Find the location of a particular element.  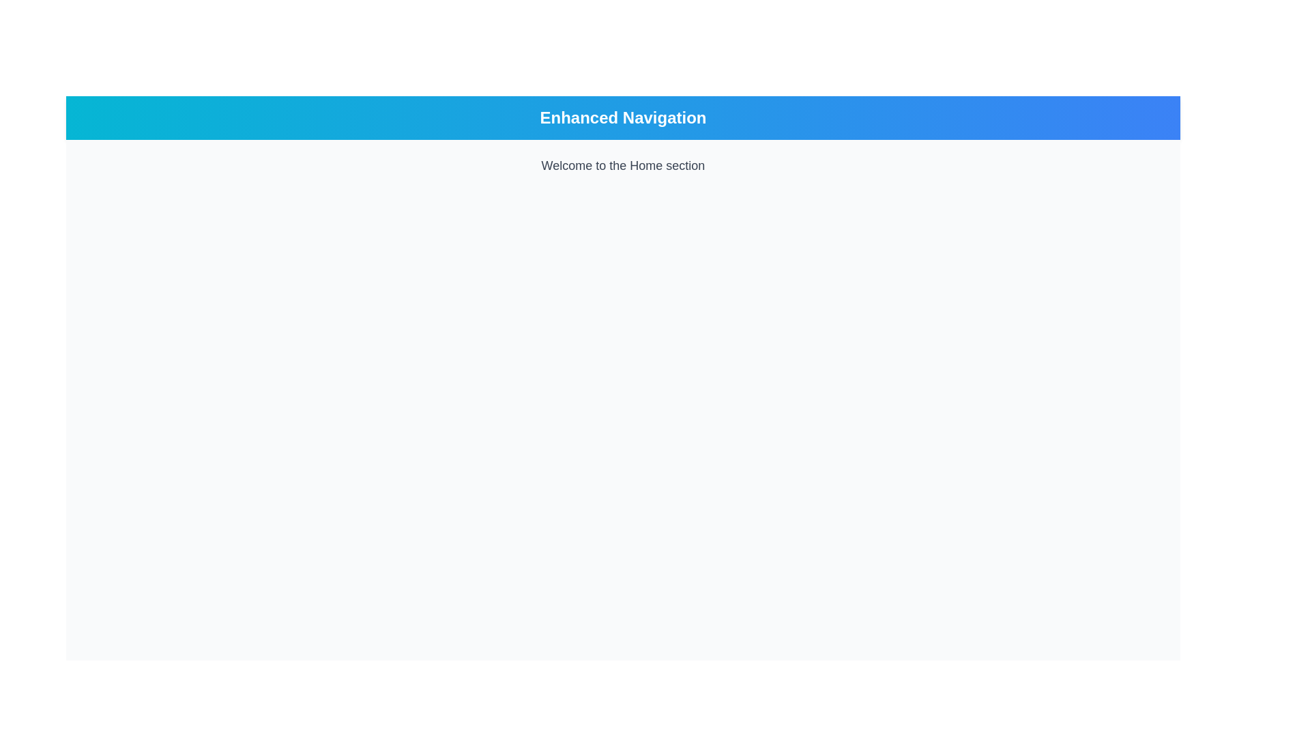

the text label that reads 'Welcome to the Home section', which is styled with a large font size and medium gray color, located near the top area of the content section below the blue header bar is located at coordinates (622, 165).